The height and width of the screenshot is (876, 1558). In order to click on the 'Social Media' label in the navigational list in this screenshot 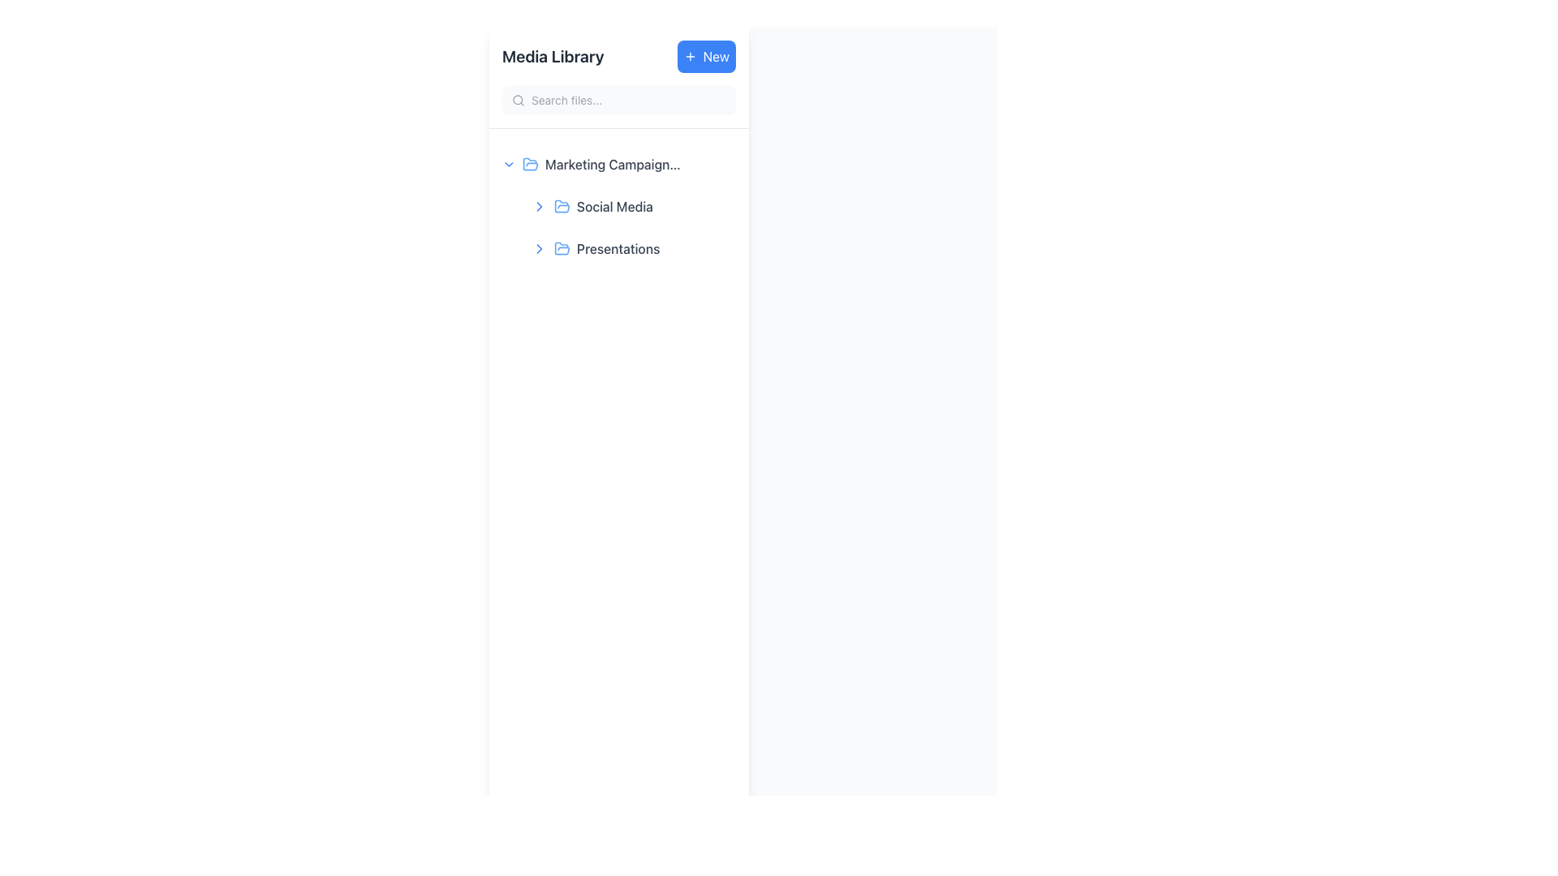, I will do `click(618, 205)`.